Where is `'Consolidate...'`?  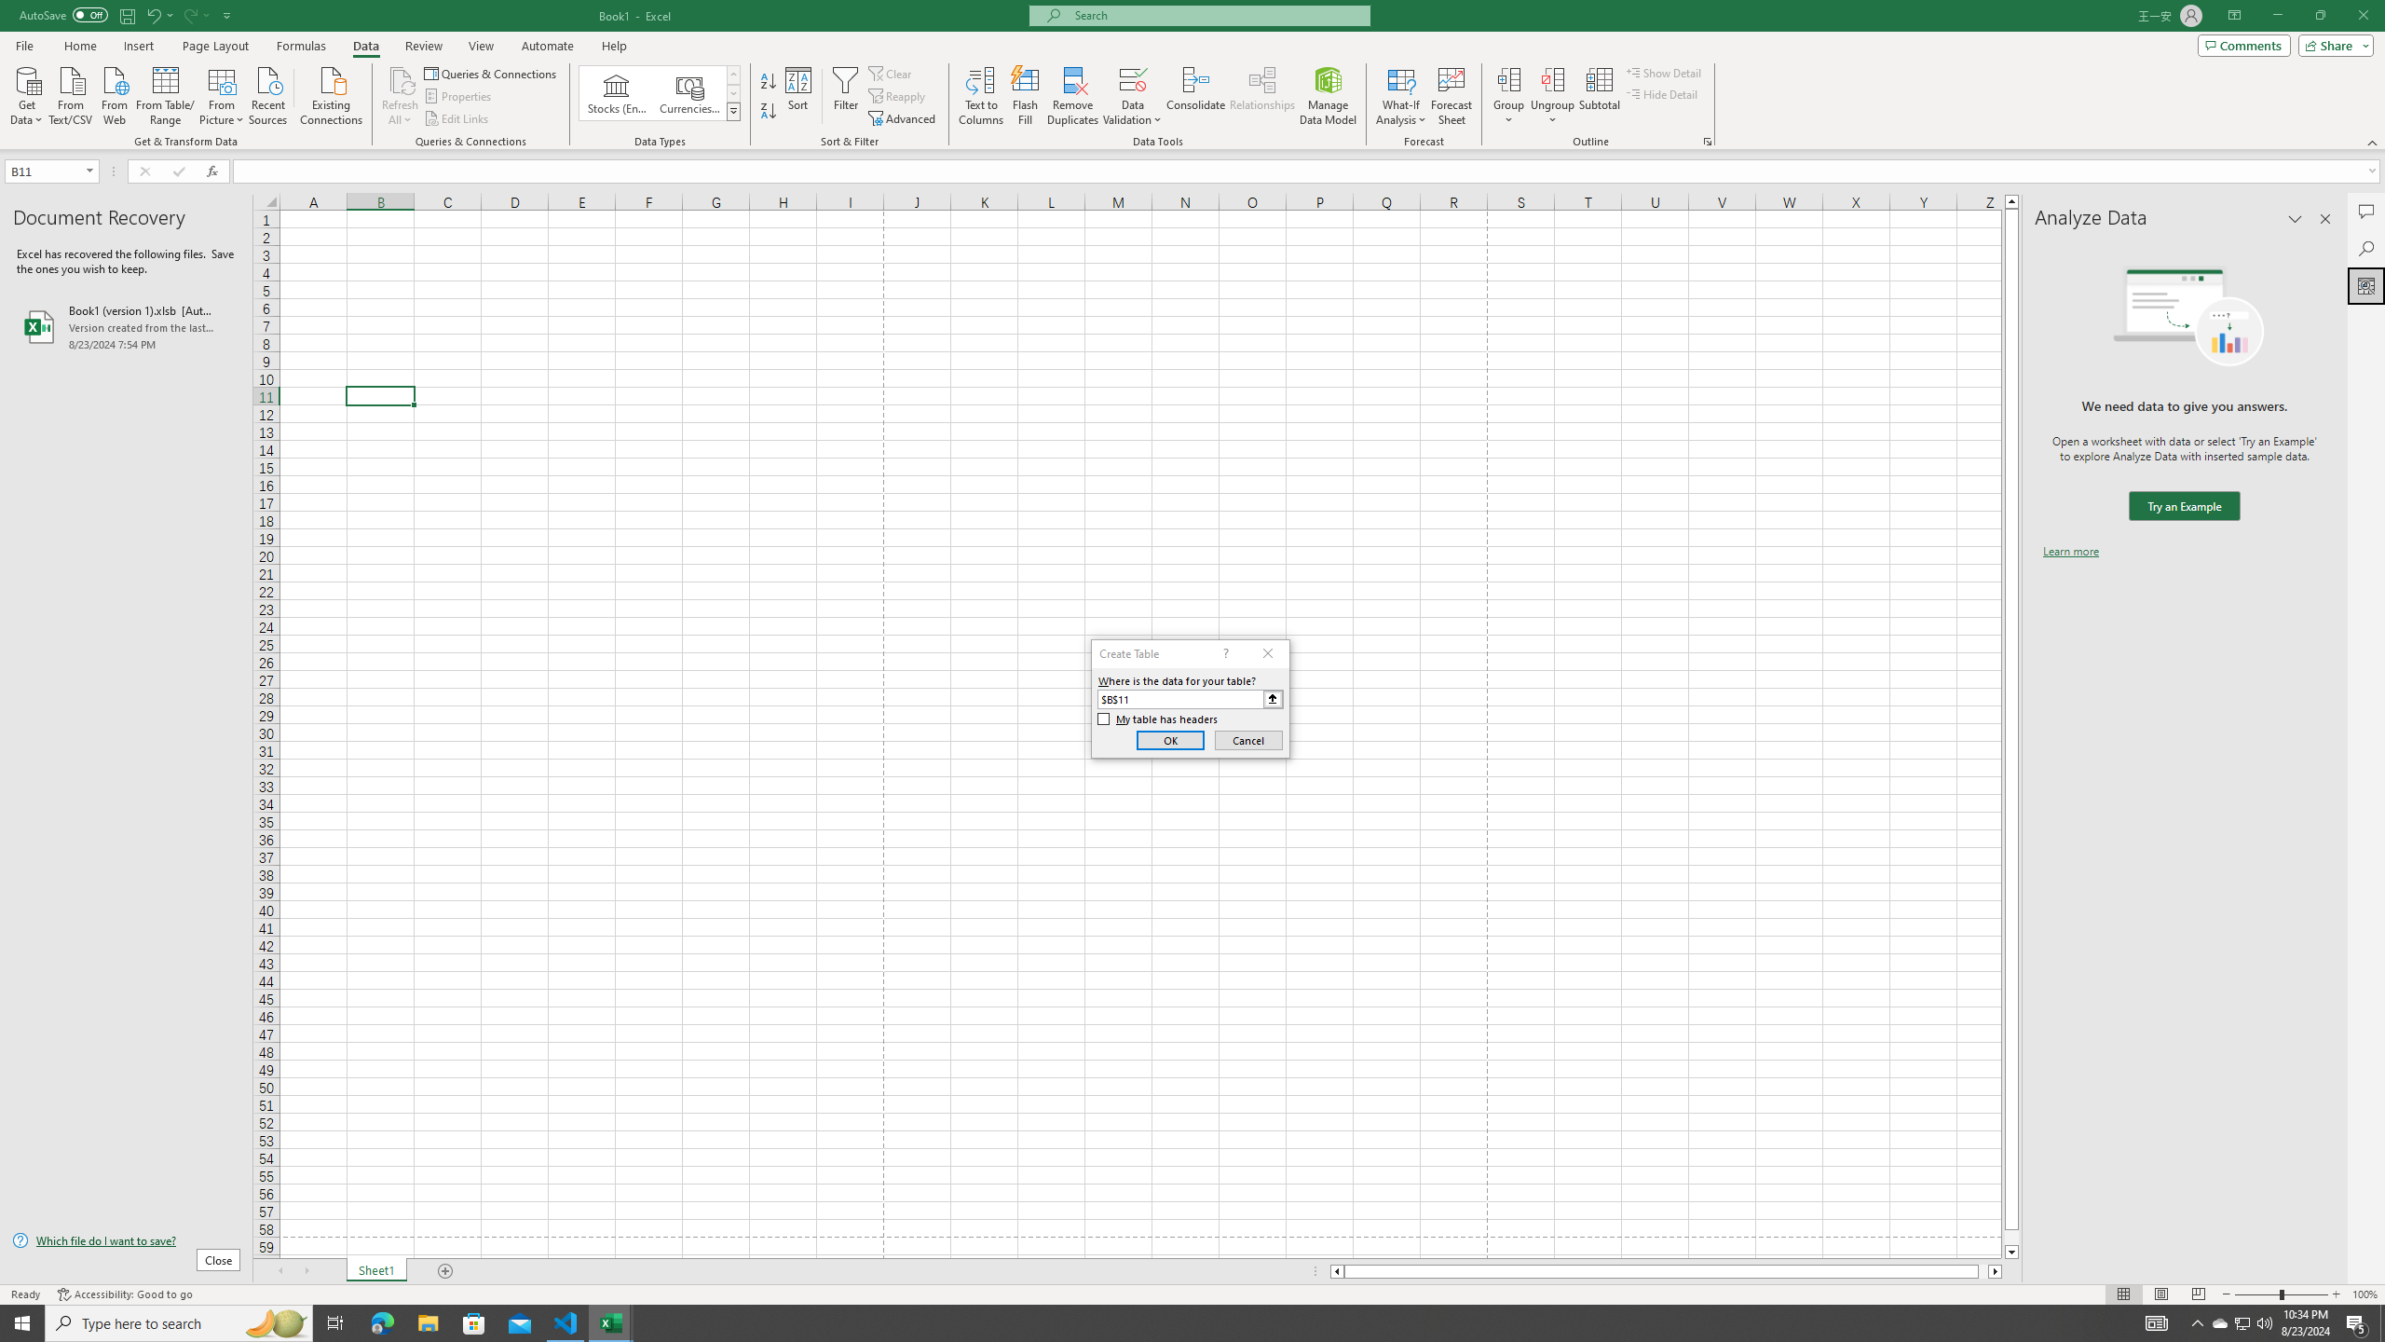
'Consolidate...' is located at coordinates (1195, 96).